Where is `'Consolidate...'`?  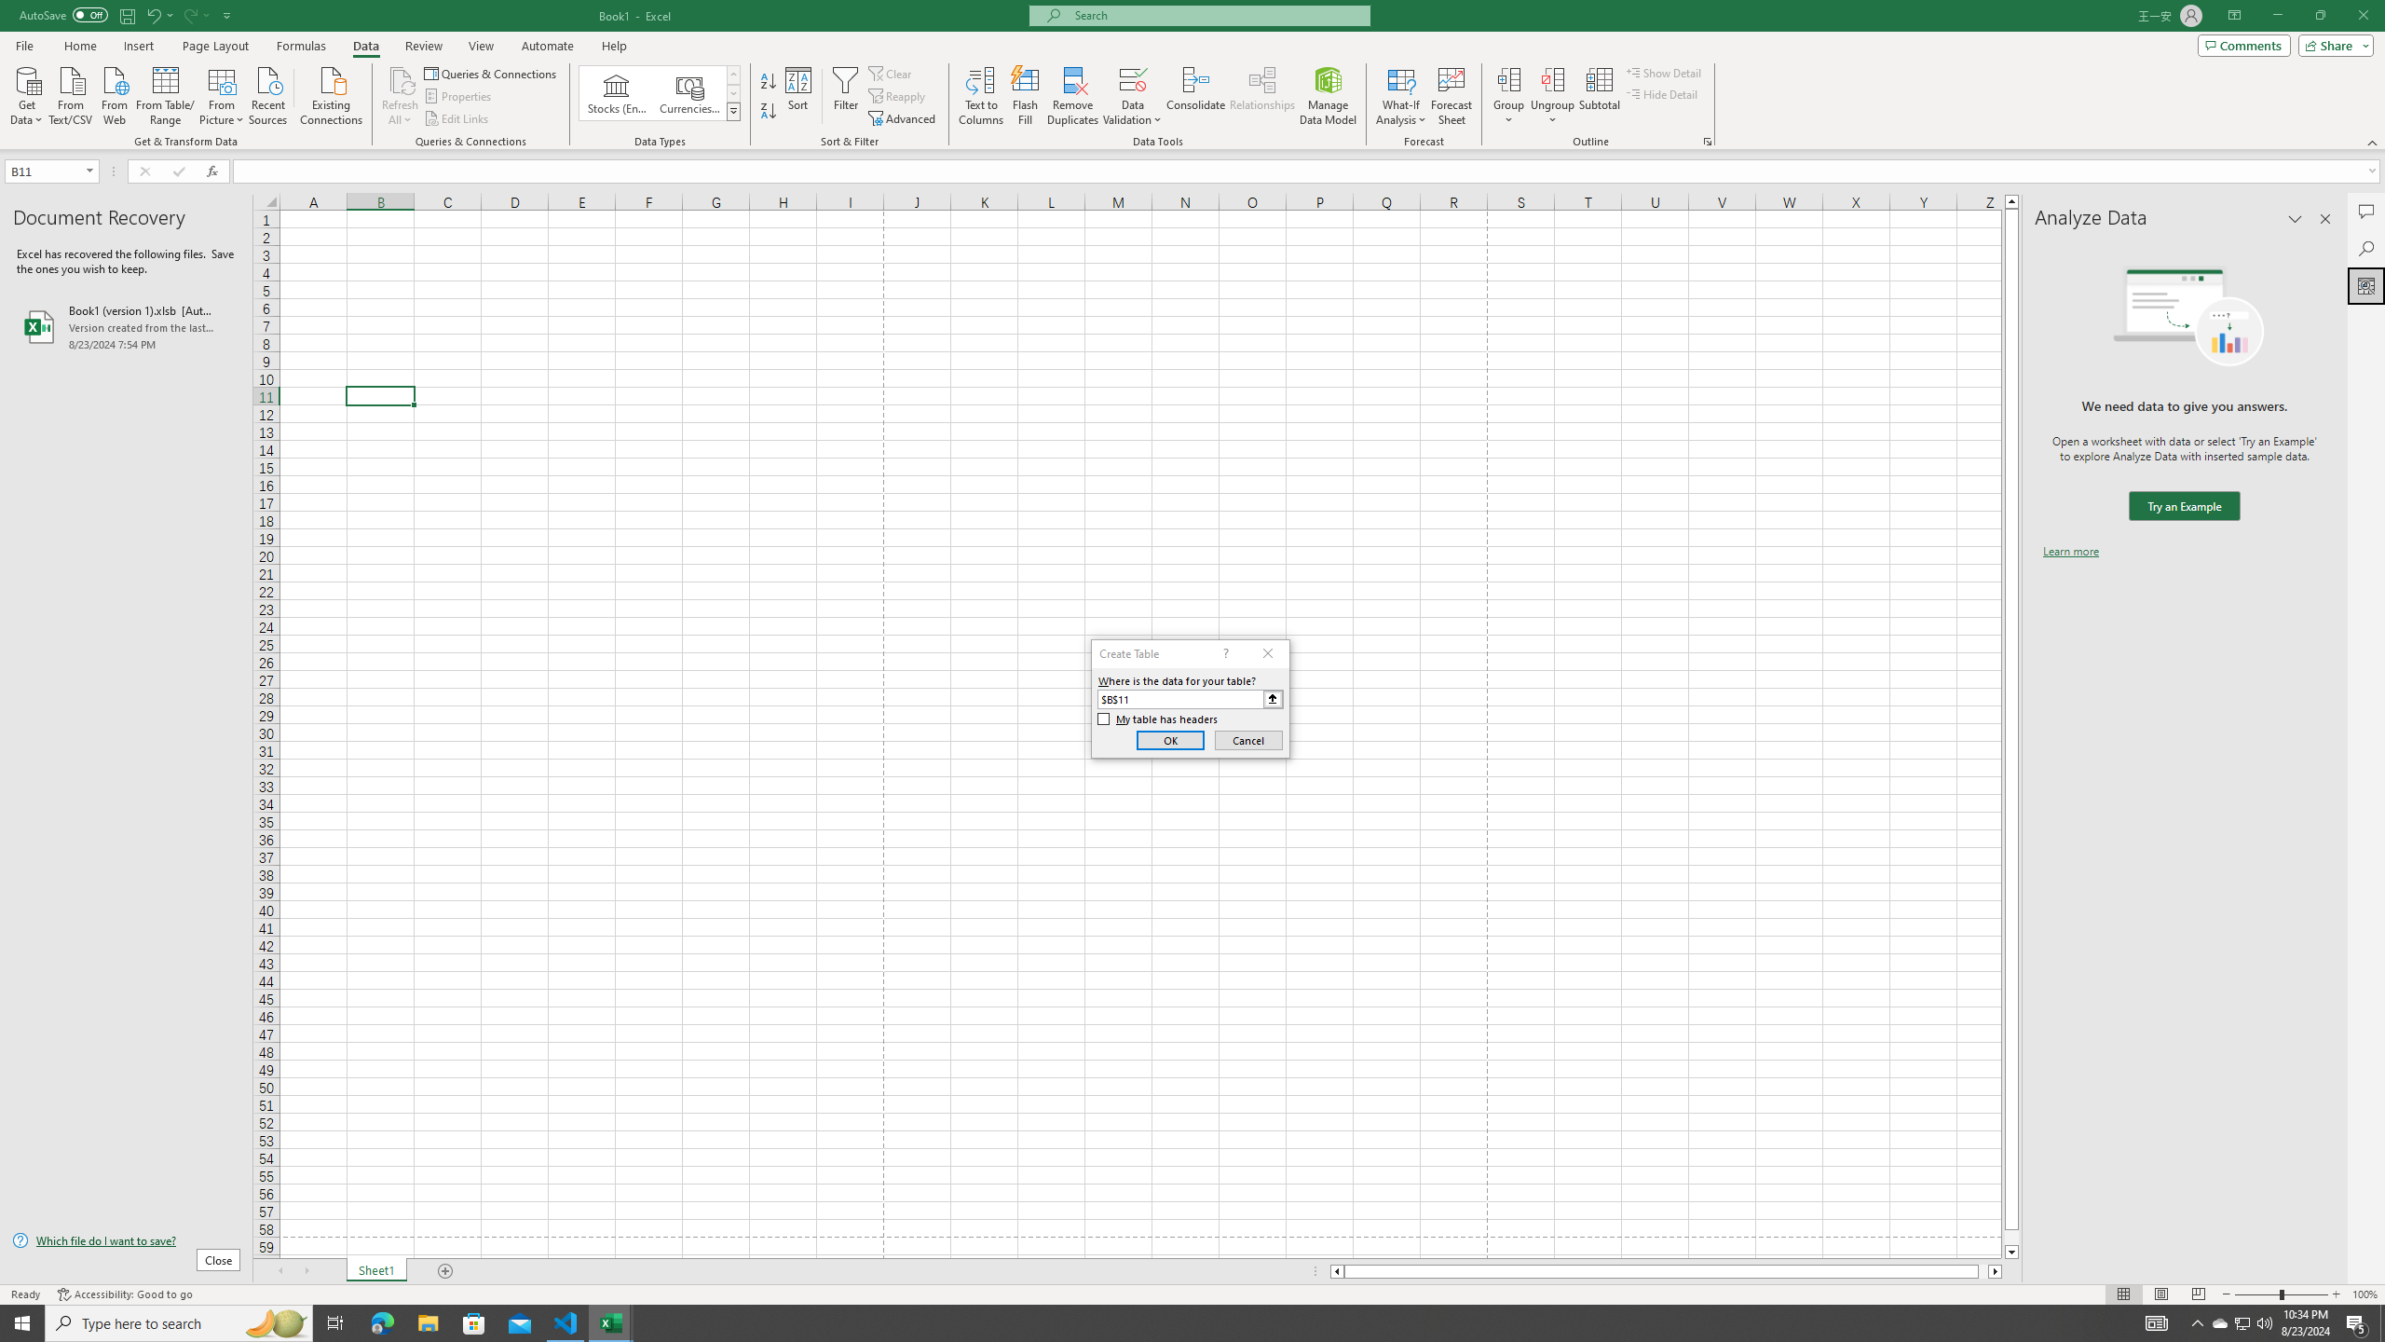
'Consolidate...' is located at coordinates (1195, 96).